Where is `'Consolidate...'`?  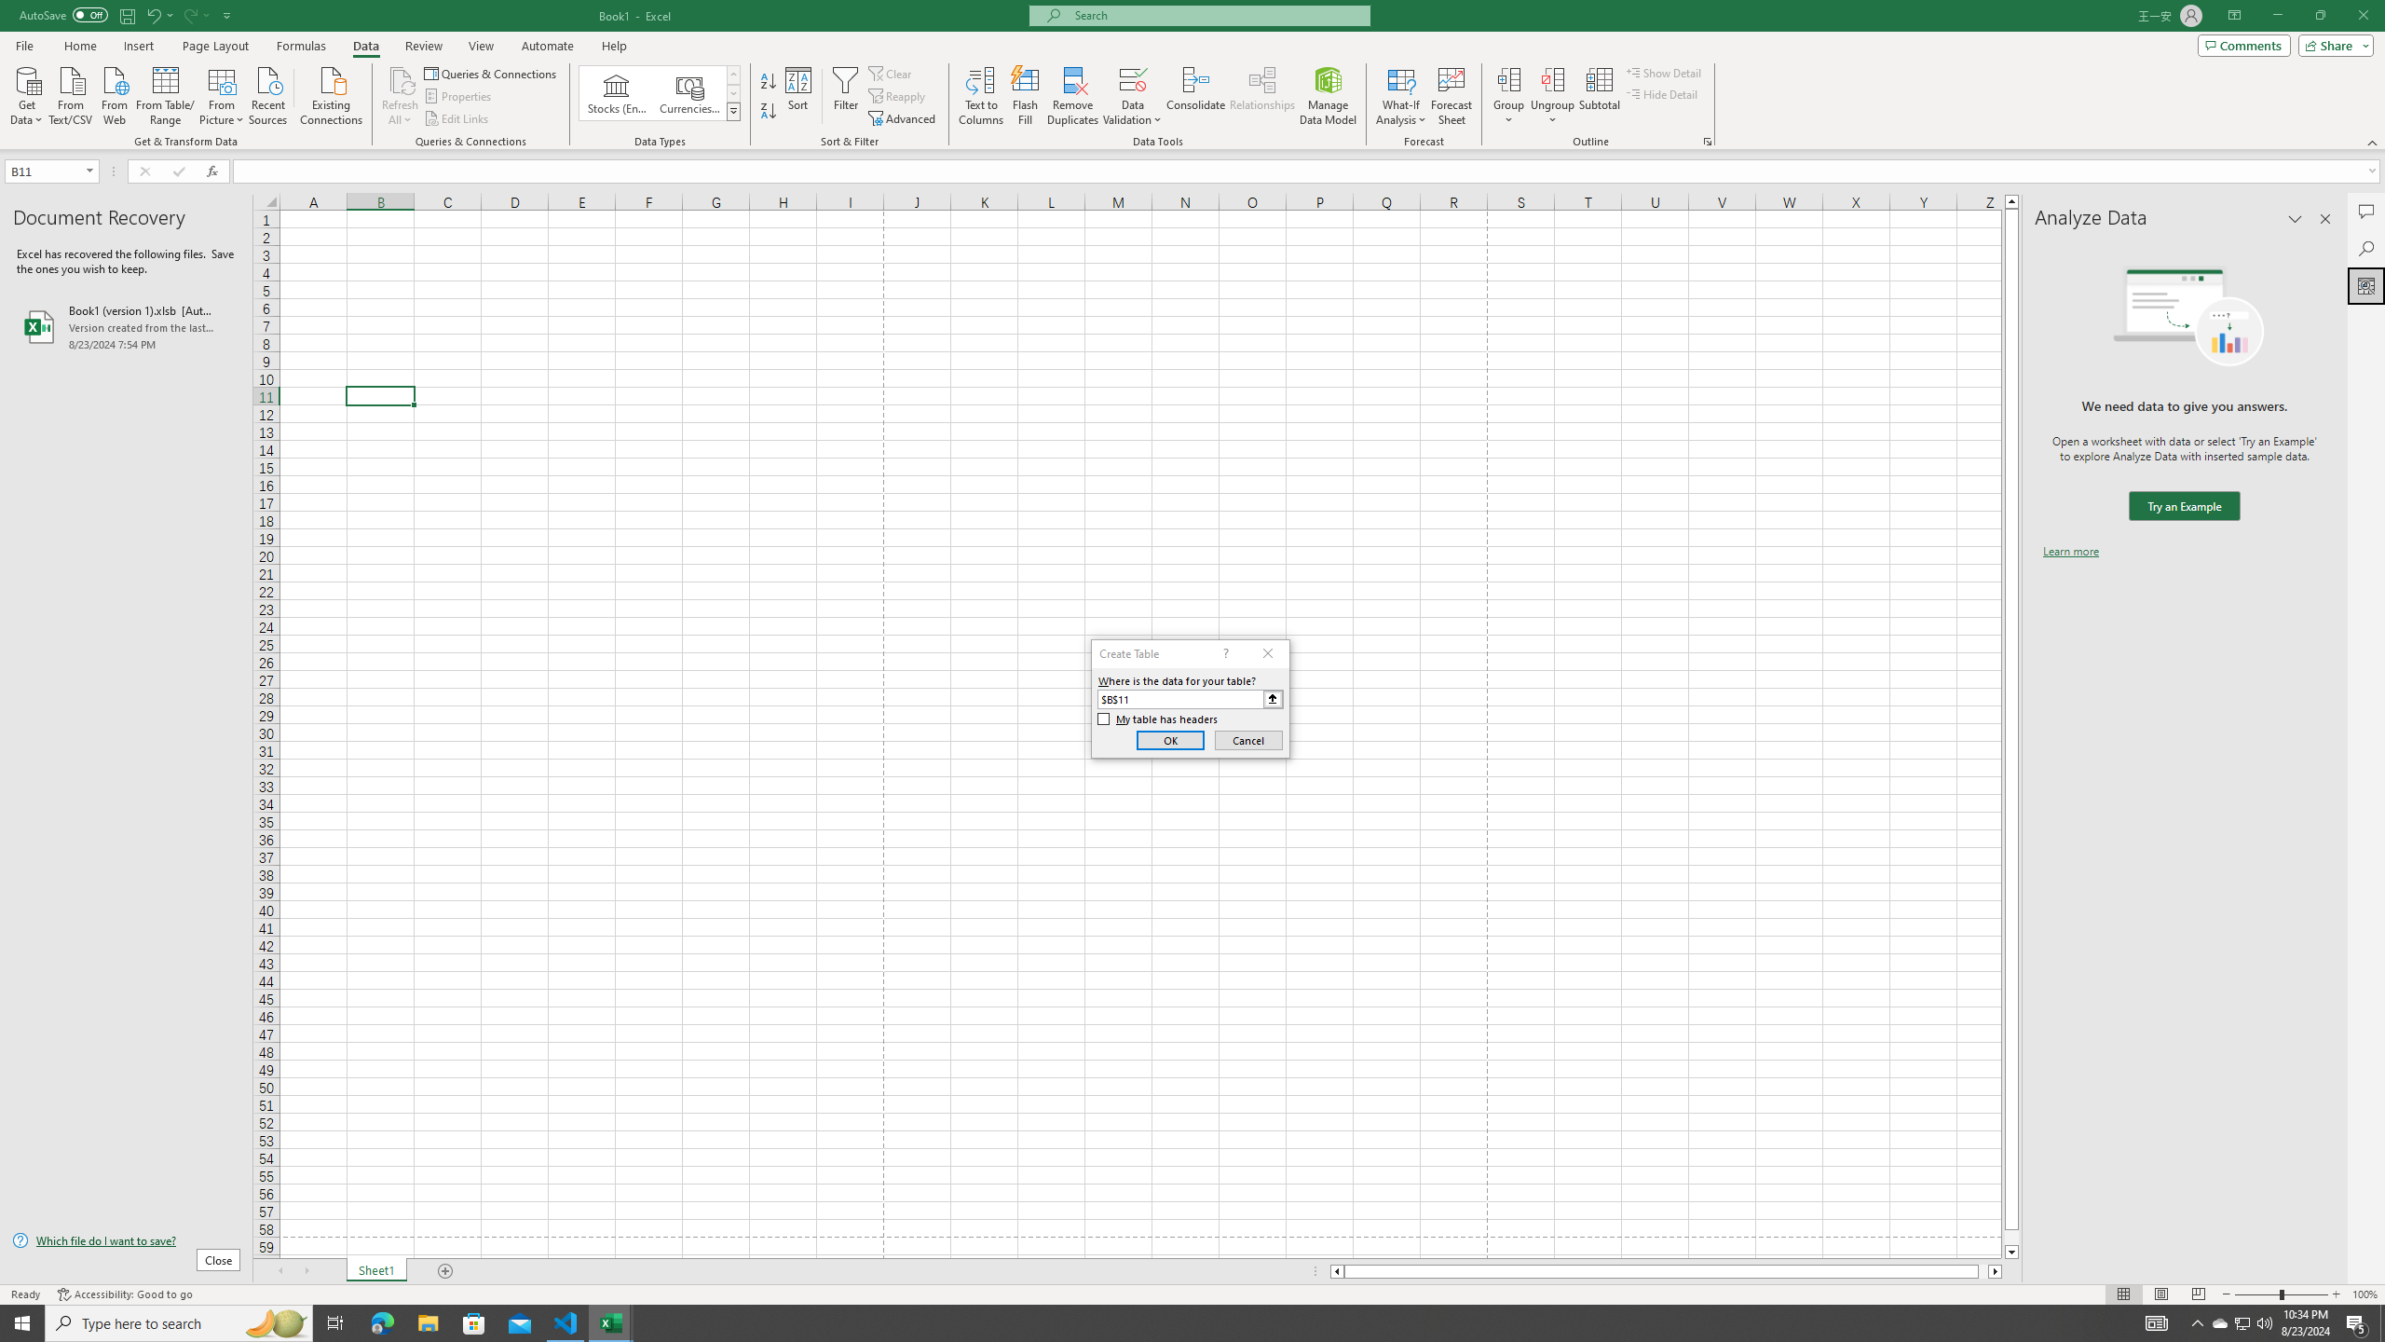
'Consolidate...' is located at coordinates (1195, 96).